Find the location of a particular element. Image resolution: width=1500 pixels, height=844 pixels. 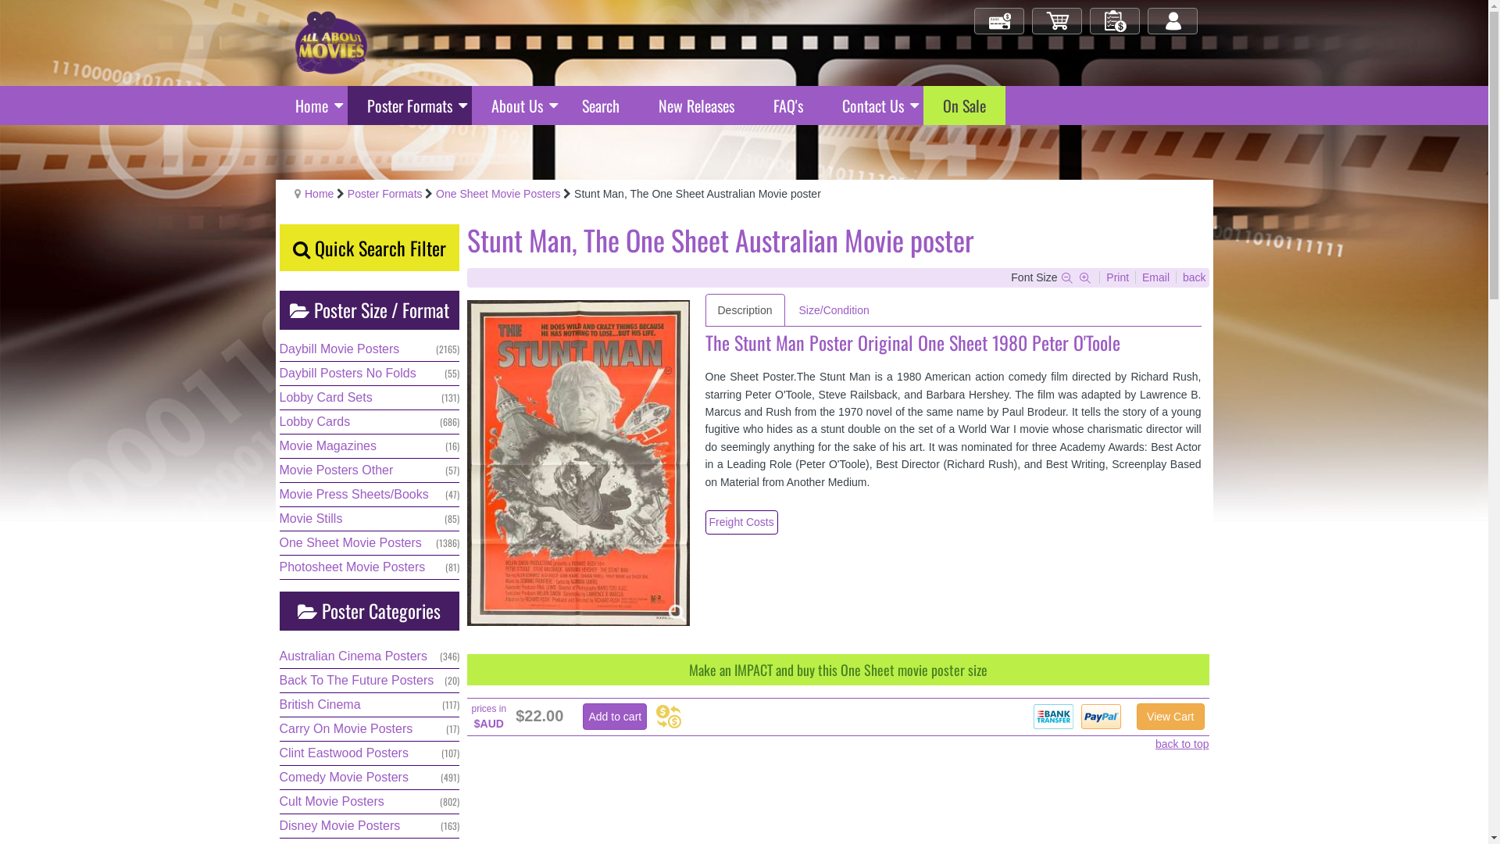

'Email' is located at coordinates (1157, 276).